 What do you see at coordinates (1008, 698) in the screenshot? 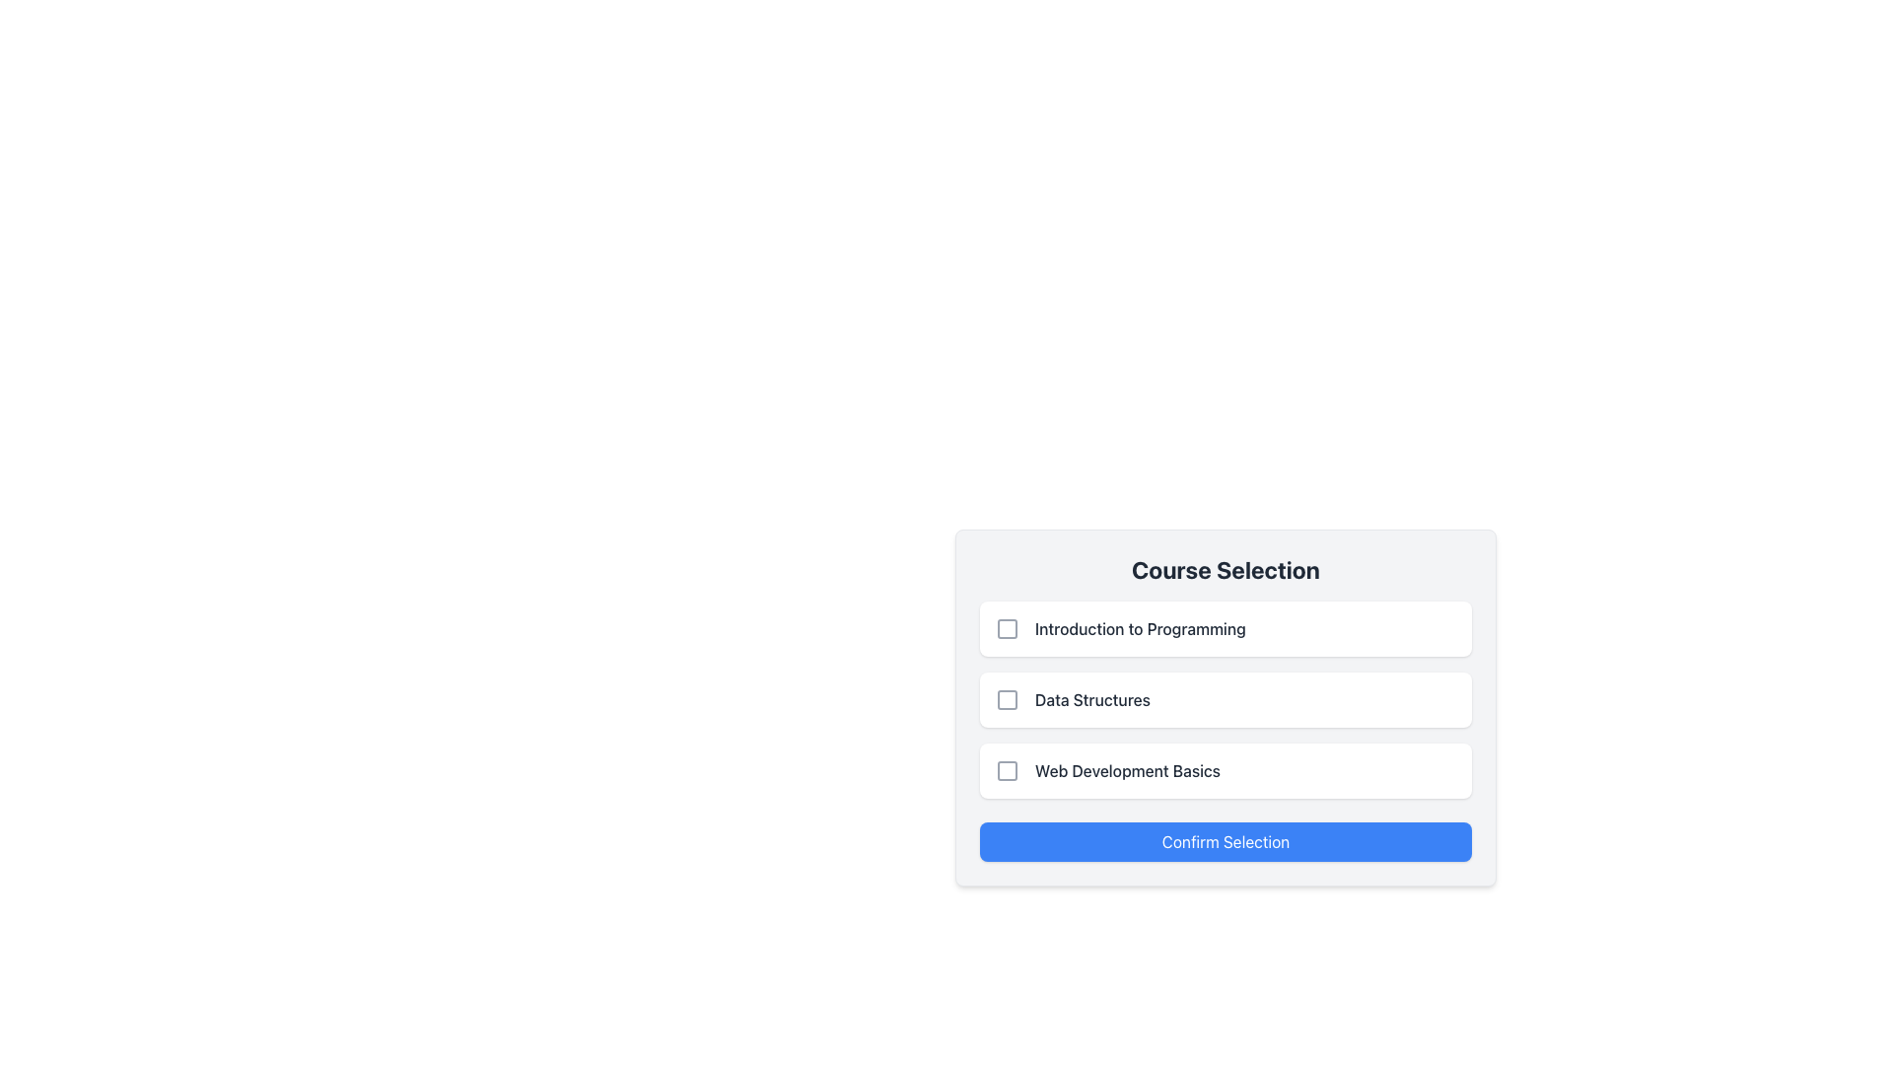
I see `the selected state graphical indicator of the 'Data Structures' checkbox` at bounding box center [1008, 698].